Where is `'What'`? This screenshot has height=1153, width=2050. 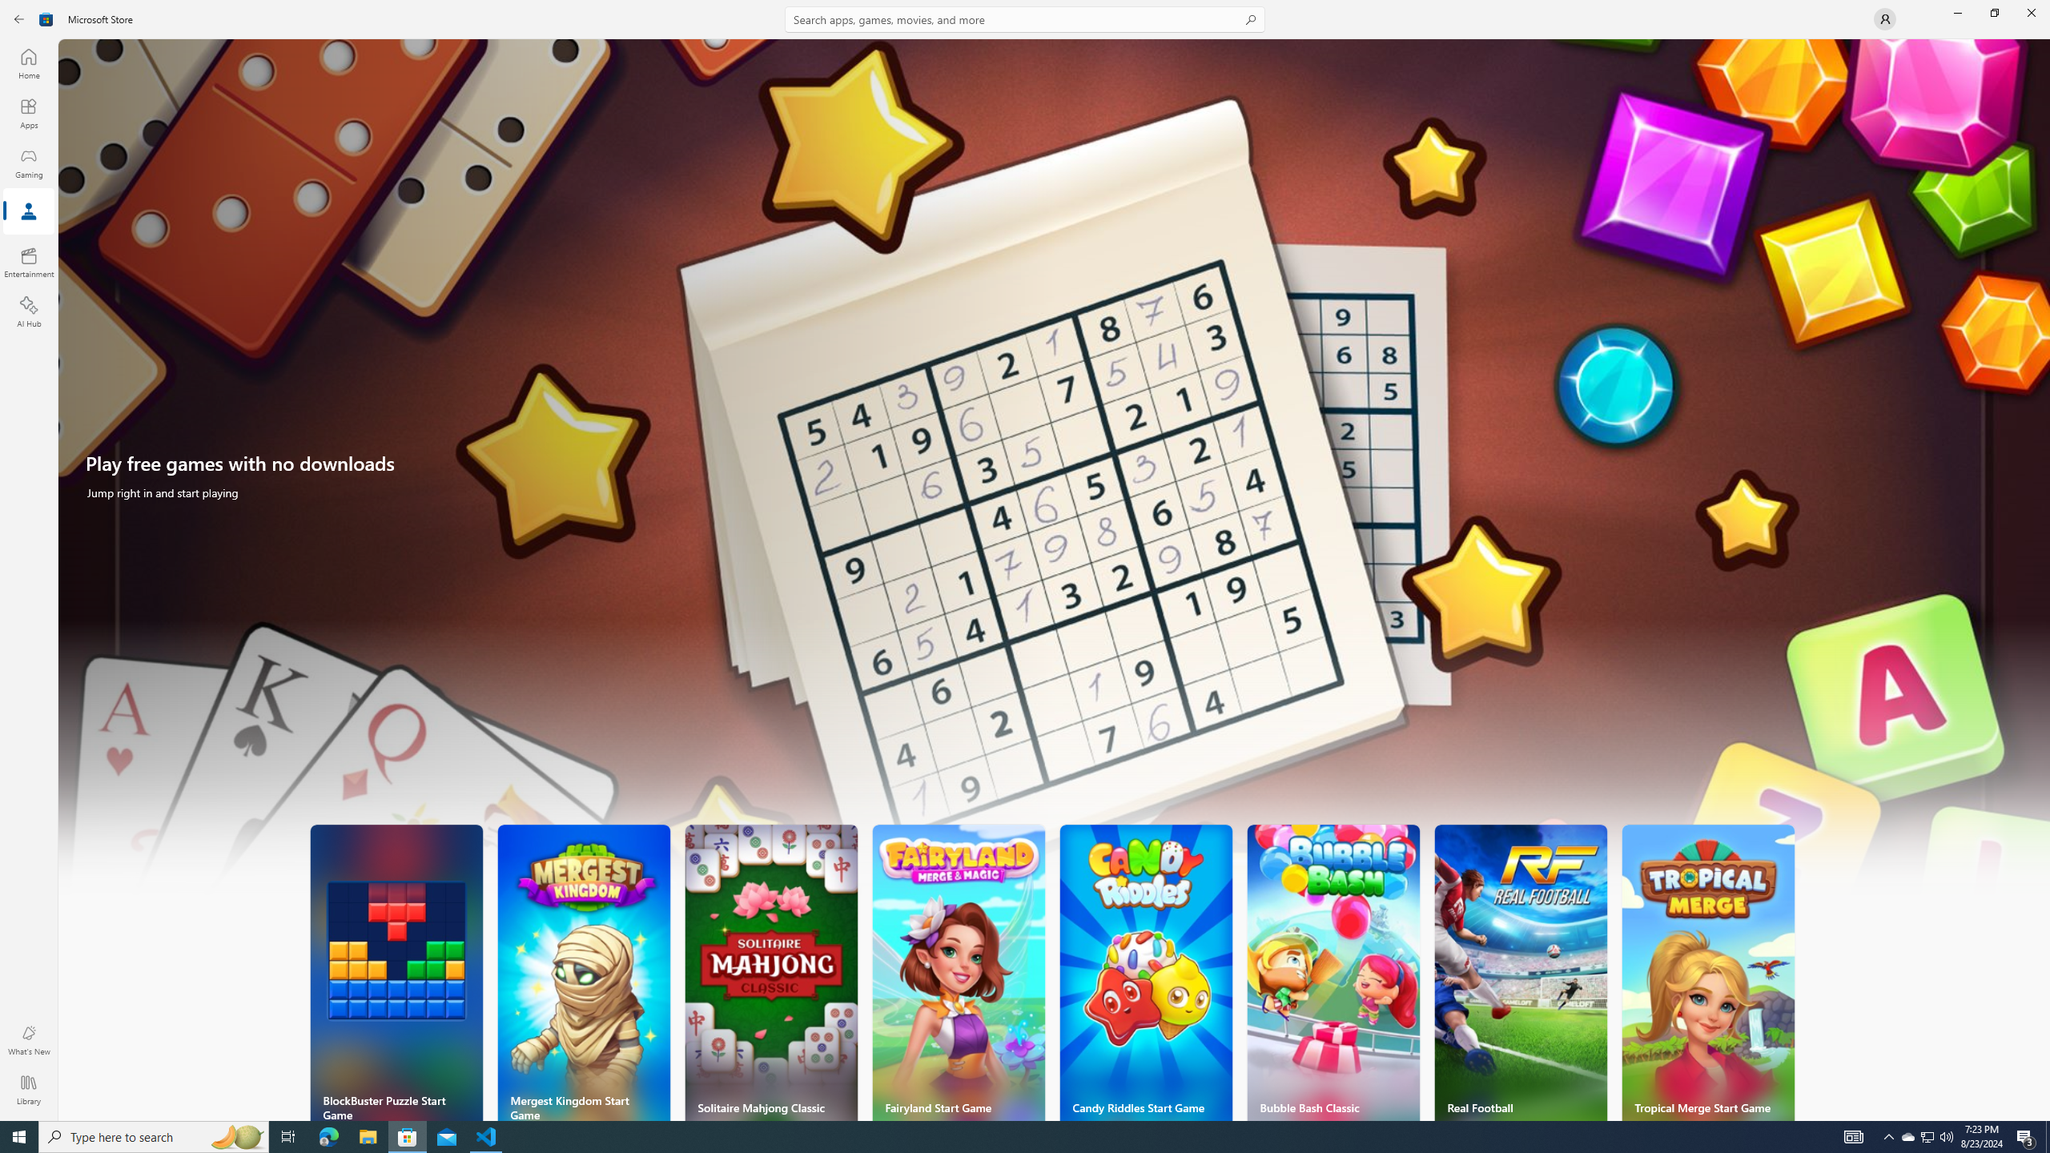
'What' is located at coordinates (27, 1039).